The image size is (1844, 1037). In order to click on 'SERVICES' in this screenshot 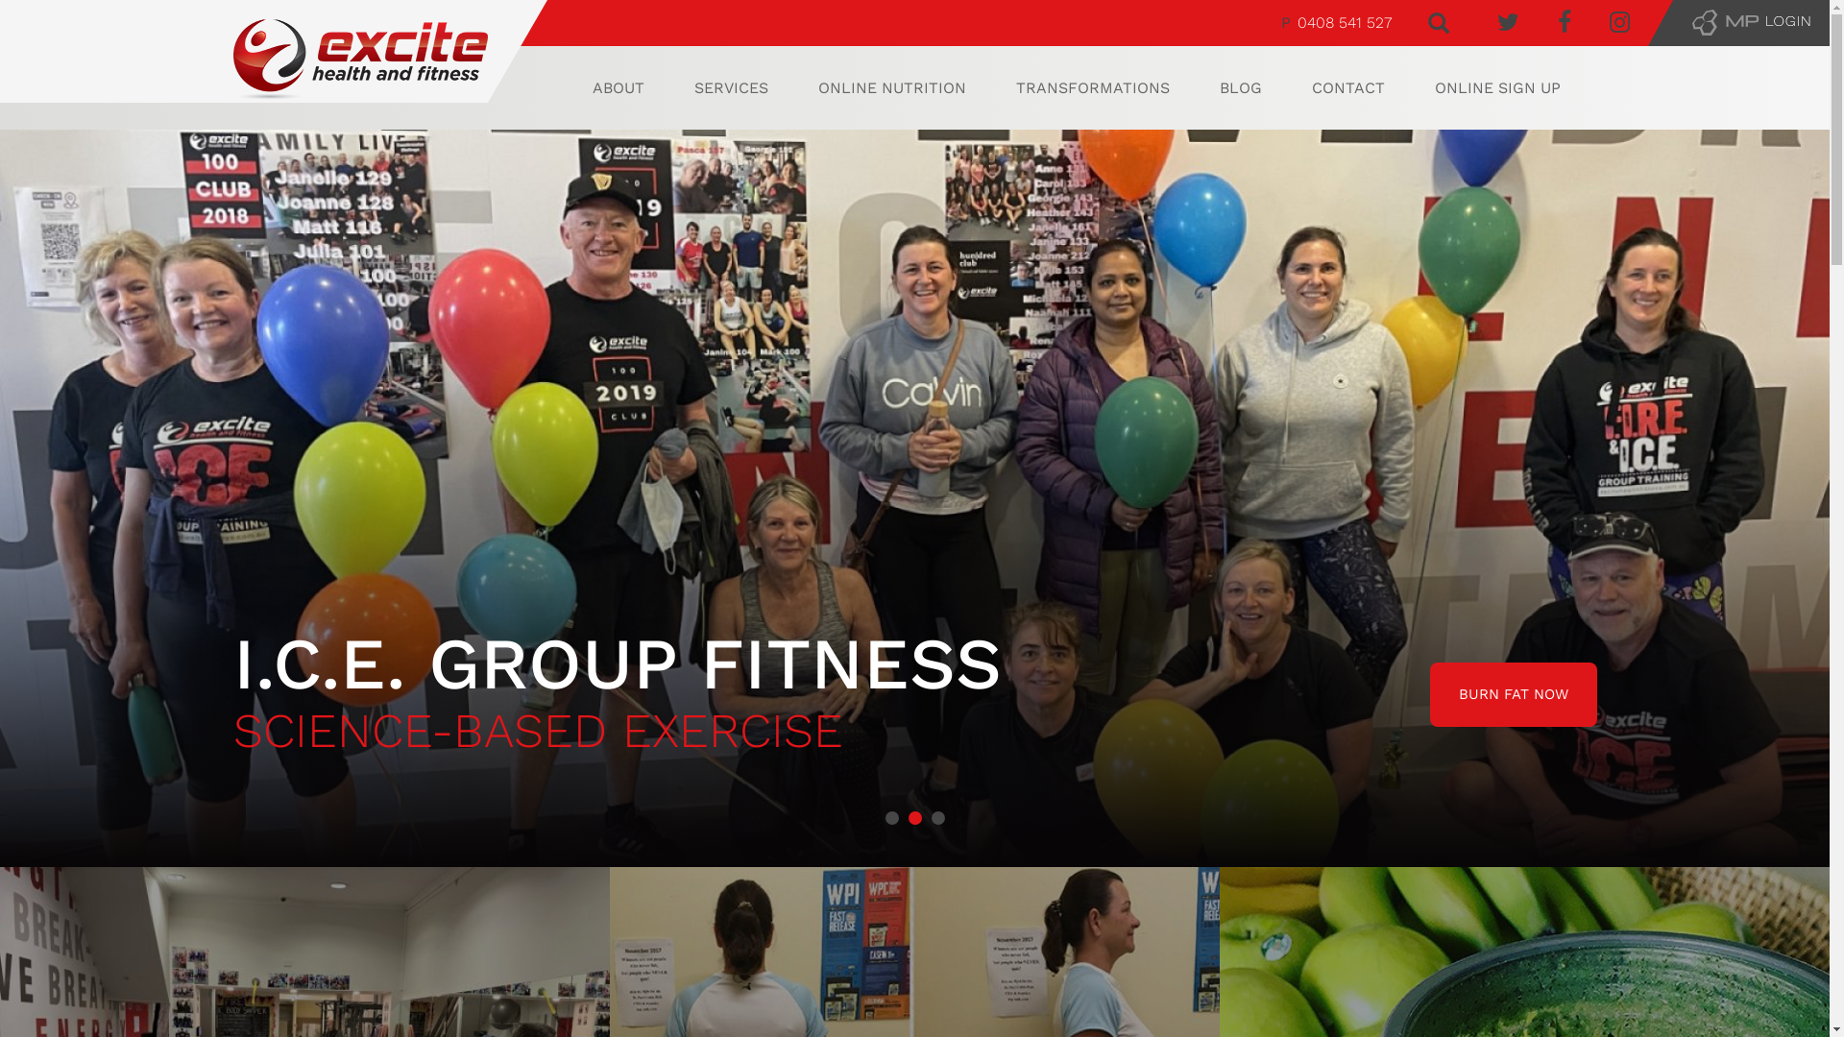, I will do `click(729, 87)`.